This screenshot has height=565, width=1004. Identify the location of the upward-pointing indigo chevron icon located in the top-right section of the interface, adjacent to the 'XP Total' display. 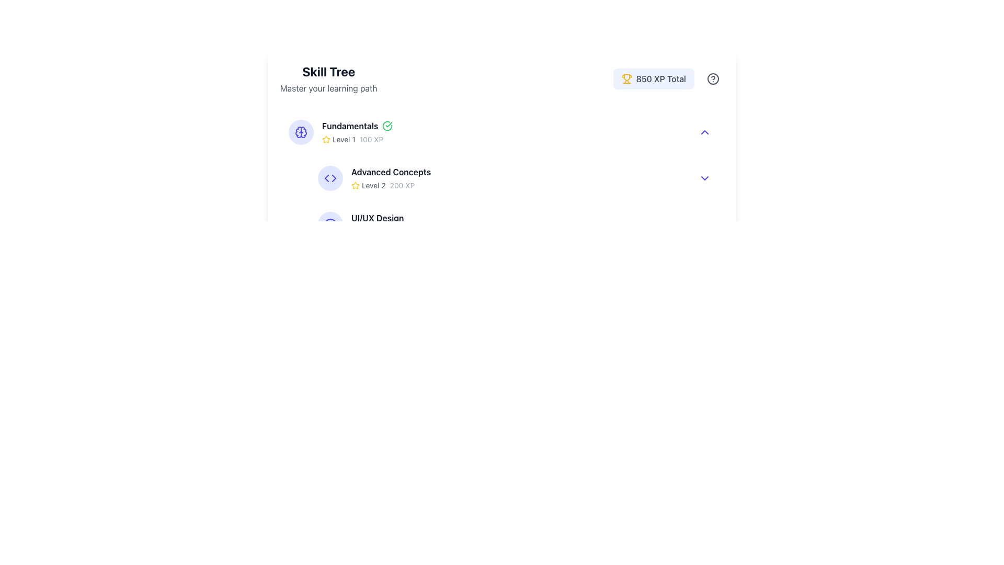
(705, 132).